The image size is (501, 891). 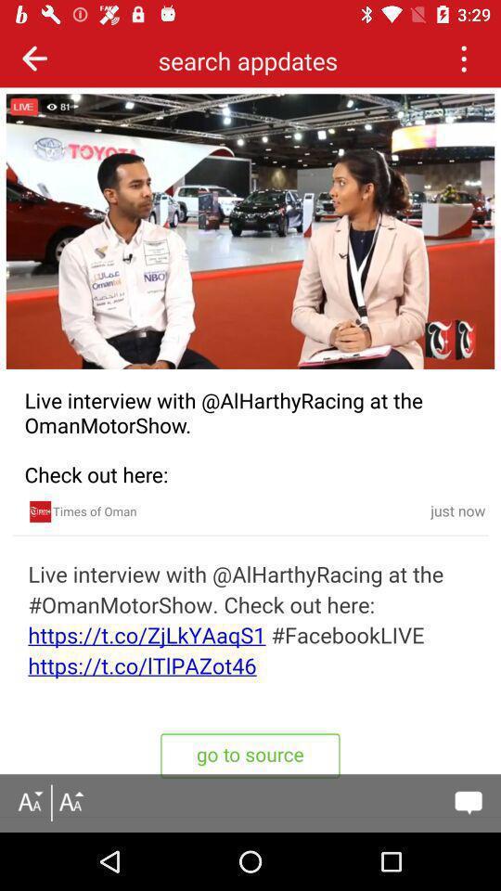 What do you see at coordinates (41, 511) in the screenshot?
I see `the image which is to the immediate left of times of oman` at bounding box center [41, 511].